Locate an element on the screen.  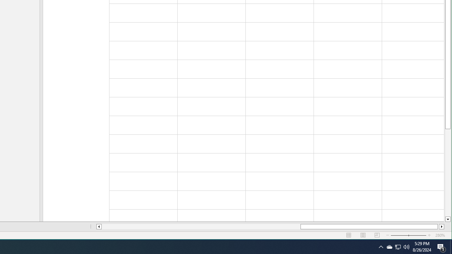
'Notification Chevron' is located at coordinates (381, 246).